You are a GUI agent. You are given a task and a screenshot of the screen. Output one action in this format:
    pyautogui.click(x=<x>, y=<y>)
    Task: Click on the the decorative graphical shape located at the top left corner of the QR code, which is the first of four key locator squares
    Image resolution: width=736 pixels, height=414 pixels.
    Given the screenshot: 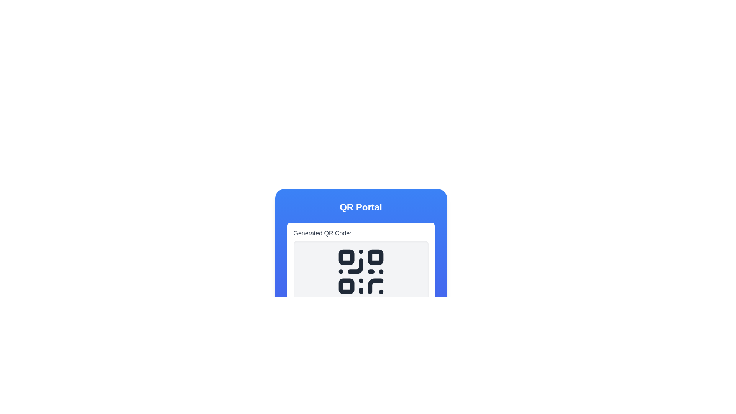 What is the action you would take?
    pyautogui.click(x=346, y=257)
    